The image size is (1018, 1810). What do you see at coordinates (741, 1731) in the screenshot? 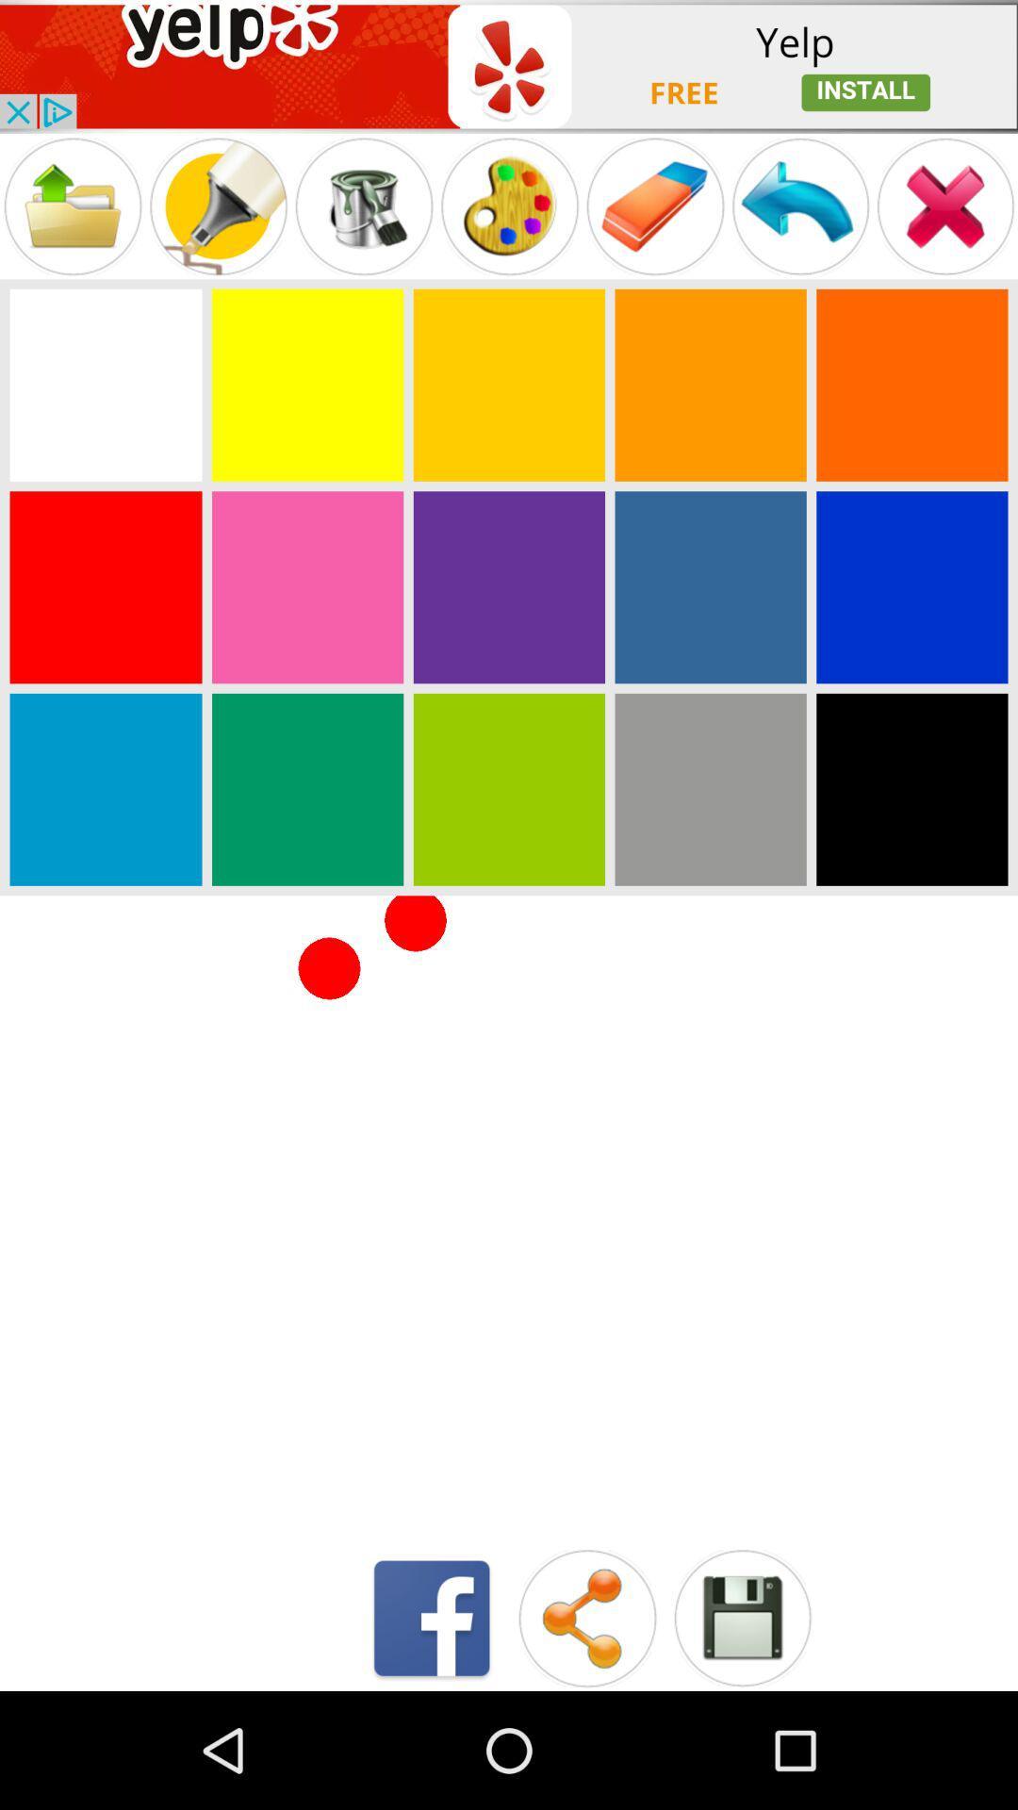
I see `the save icon` at bounding box center [741, 1731].